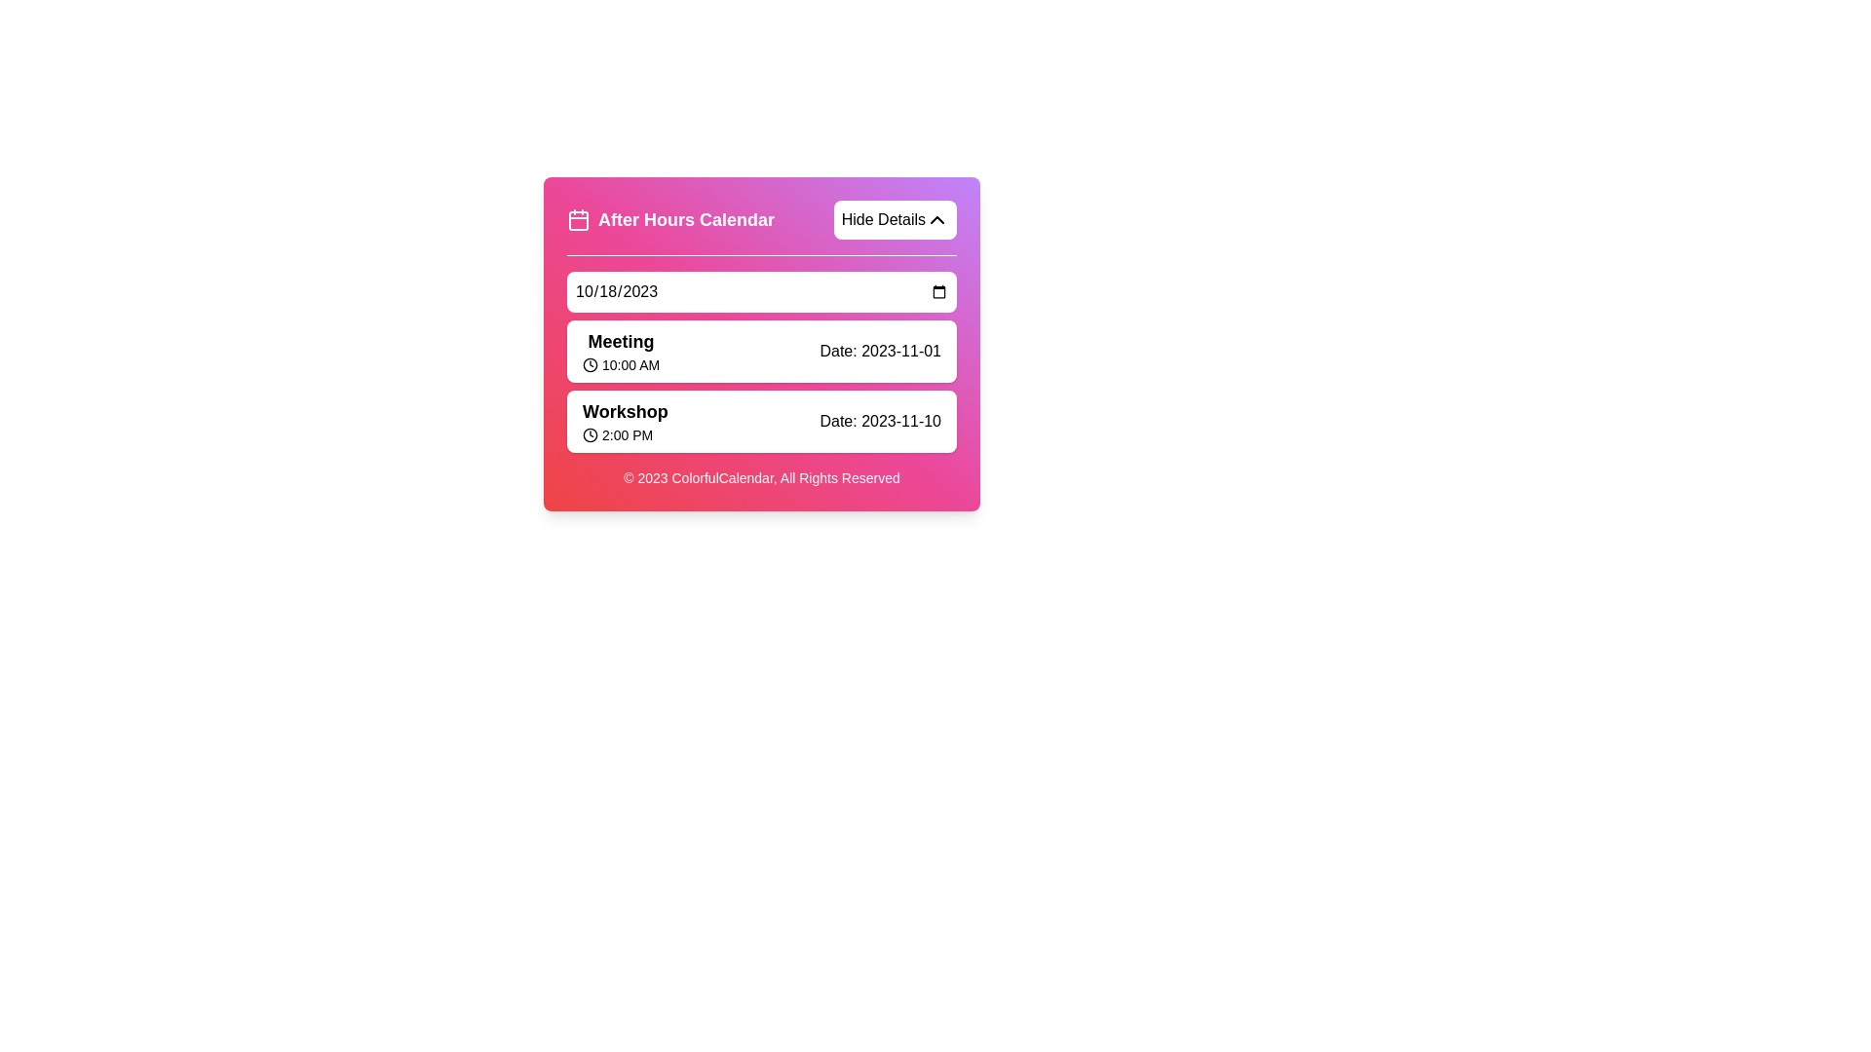  Describe the element at coordinates (761, 227) in the screenshot. I see `the 'Hide Details' button located in the header bar of the calendar interface` at that location.